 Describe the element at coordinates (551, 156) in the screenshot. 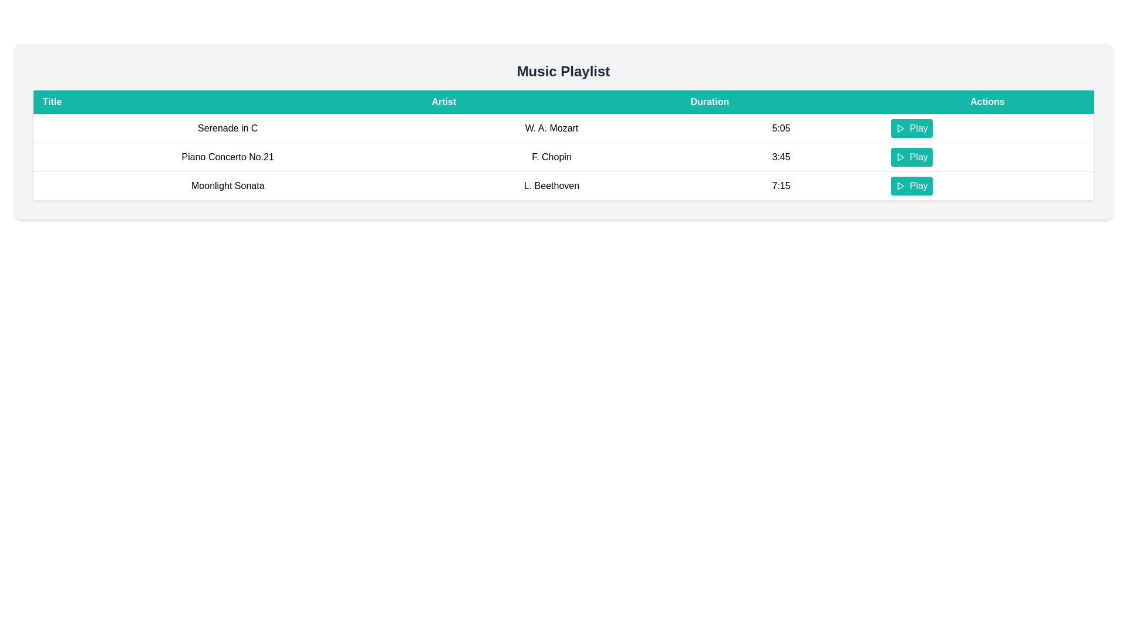

I see `the text label 'F. Chopin' which is centrally aligned in the Artist column of the row labeled 'Piano Concerto No.21'` at that location.